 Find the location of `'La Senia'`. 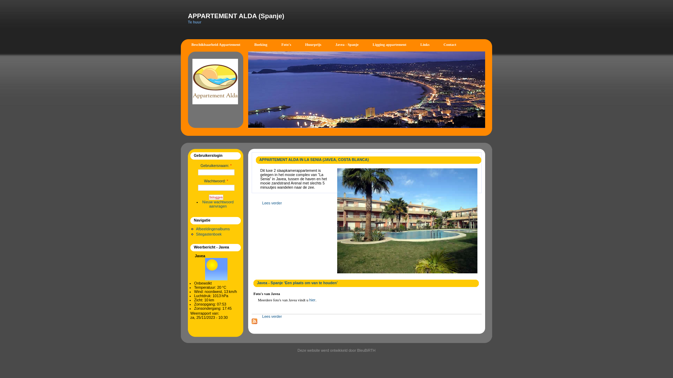

'La Senia' is located at coordinates (407, 221).